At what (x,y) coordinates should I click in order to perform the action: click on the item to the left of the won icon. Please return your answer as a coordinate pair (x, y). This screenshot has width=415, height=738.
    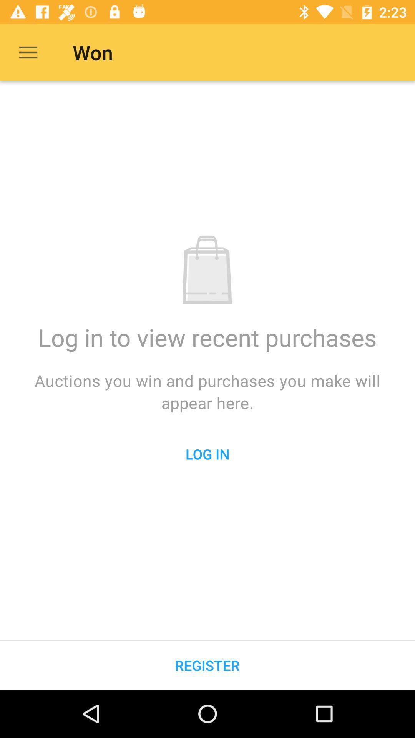
    Looking at the image, I should click on (28, 52).